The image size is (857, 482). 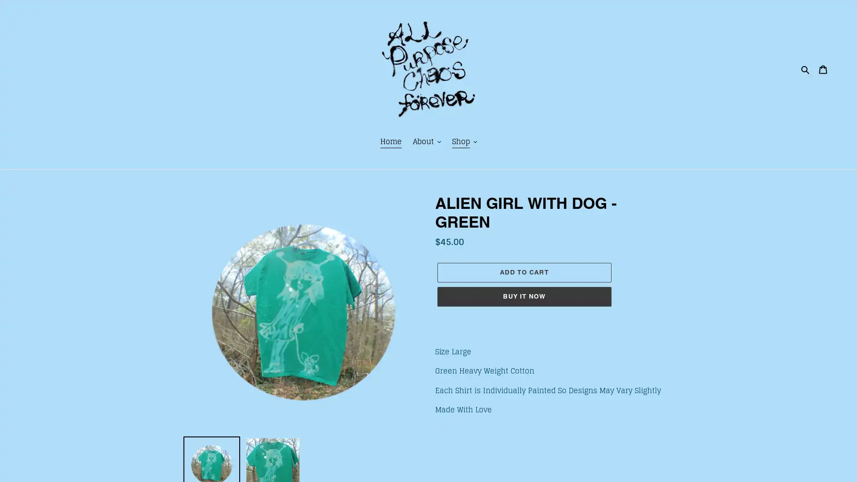 What do you see at coordinates (426, 141) in the screenshot?
I see `About` at bounding box center [426, 141].